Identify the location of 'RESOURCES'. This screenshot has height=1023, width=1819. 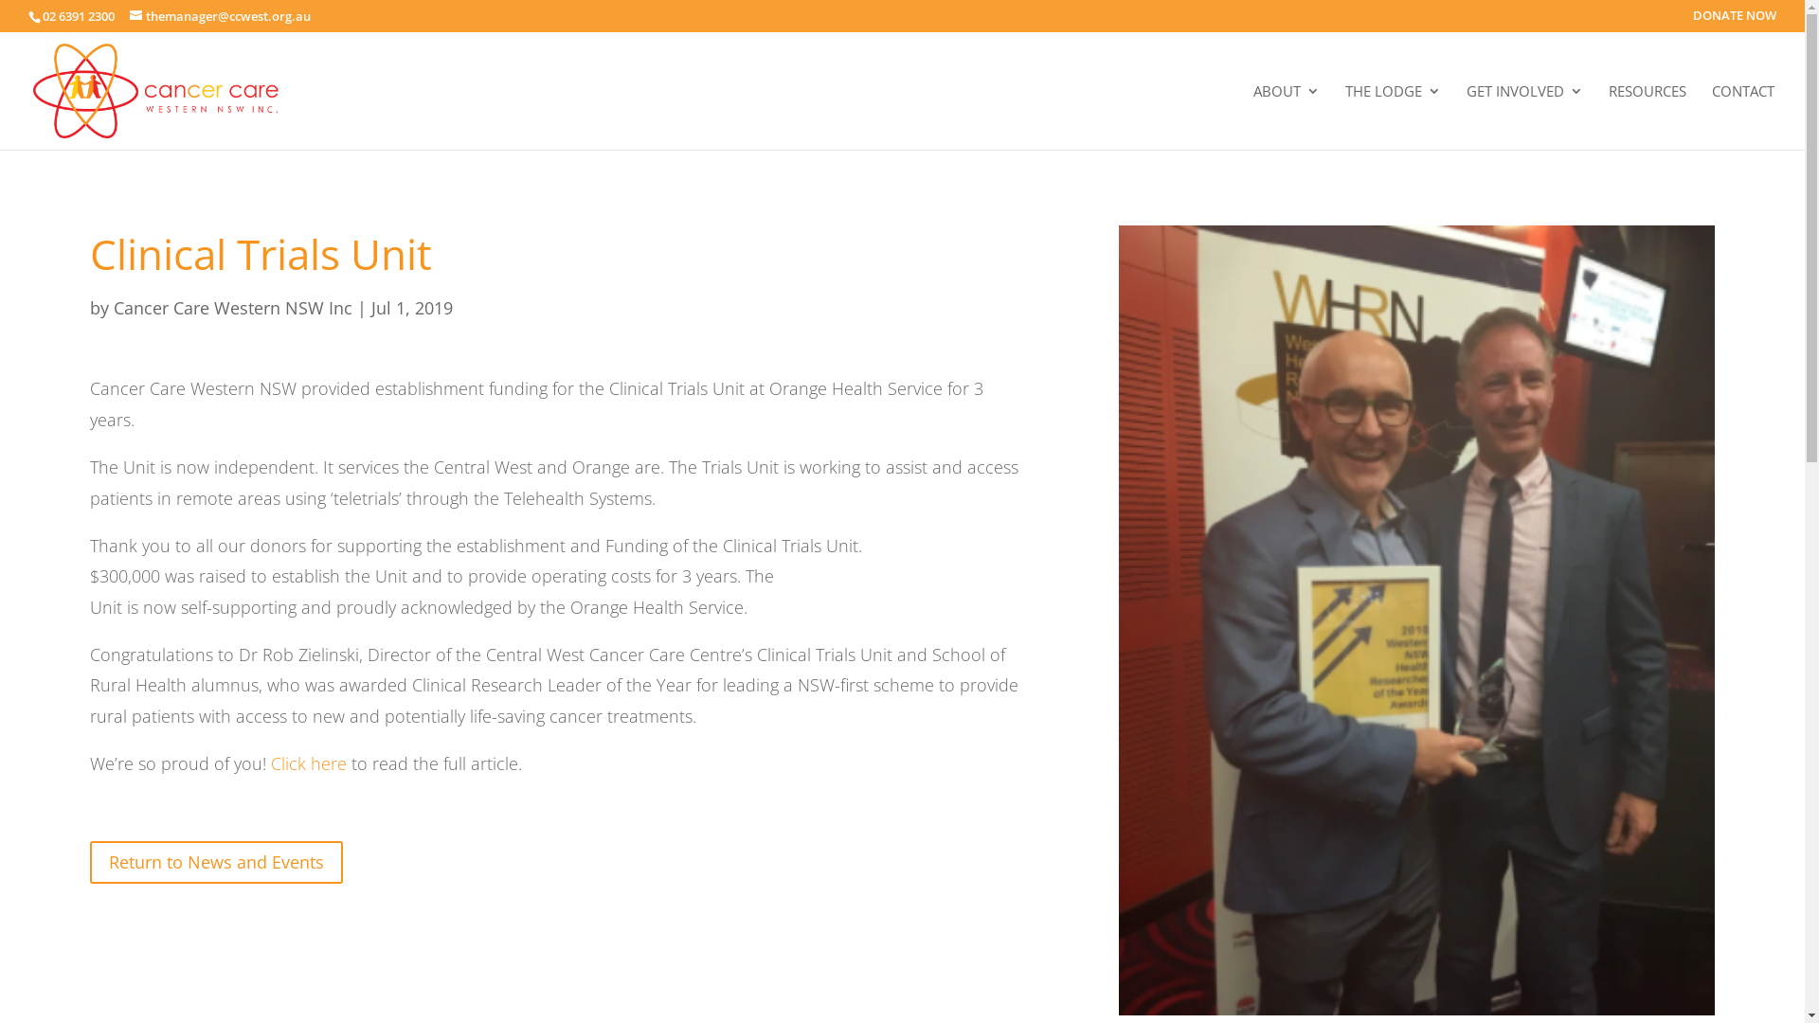
(1608, 116).